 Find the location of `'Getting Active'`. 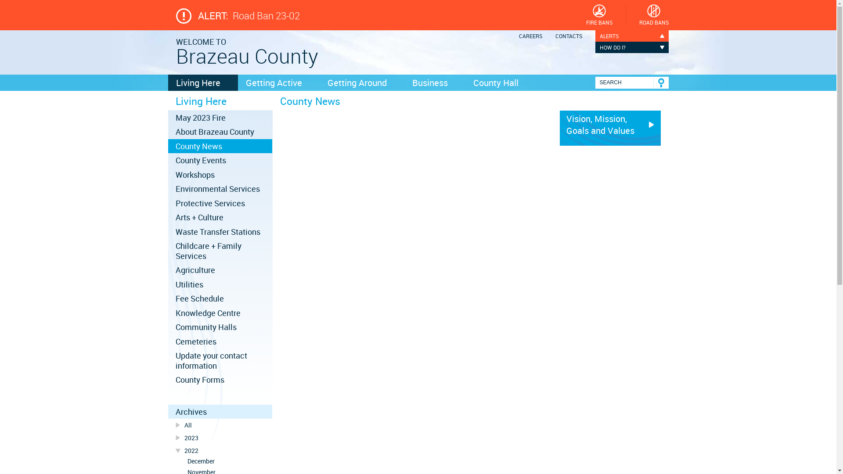

'Getting Active' is located at coordinates (278, 83).